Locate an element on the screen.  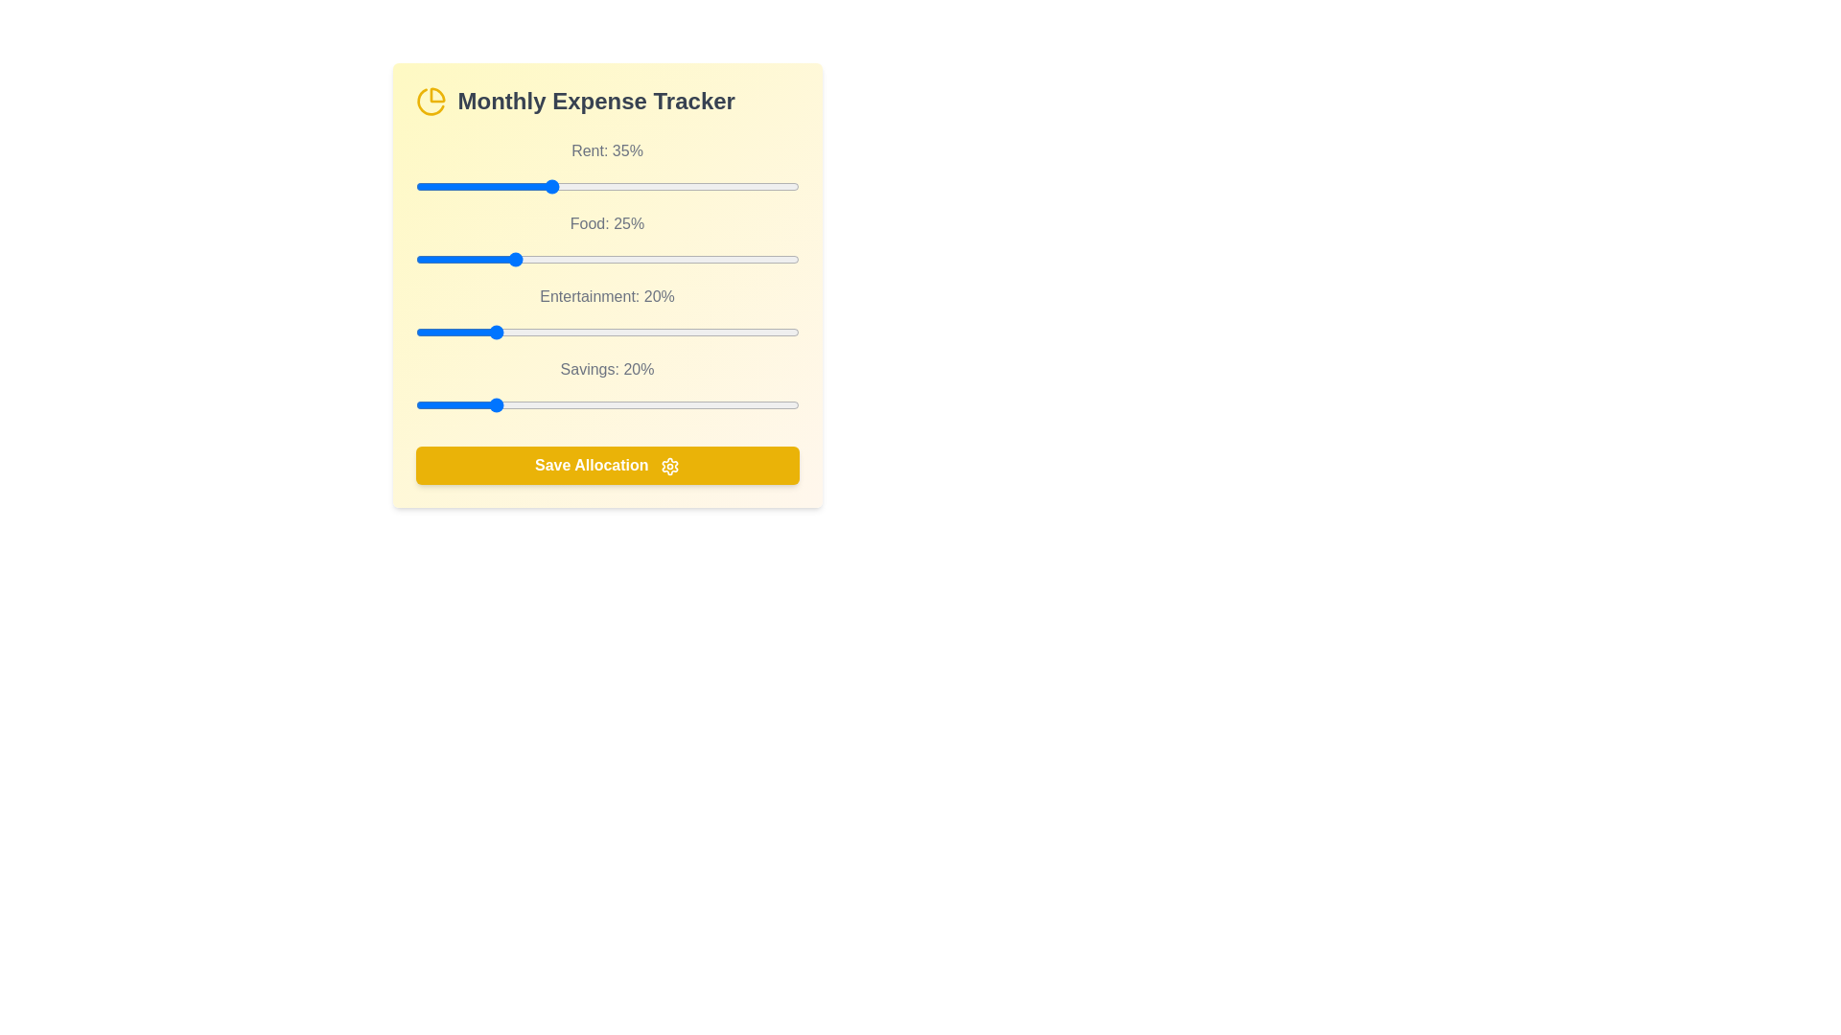
'Save Allocation' button is located at coordinates (606, 466).